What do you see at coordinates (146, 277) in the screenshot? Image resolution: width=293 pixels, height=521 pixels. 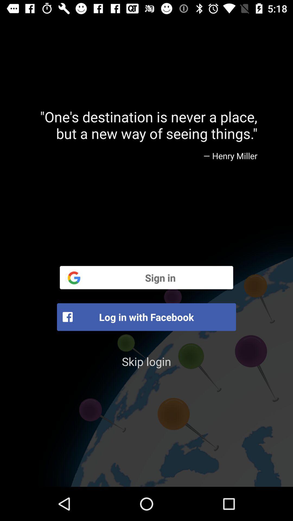 I see `the sign in item` at bounding box center [146, 277].